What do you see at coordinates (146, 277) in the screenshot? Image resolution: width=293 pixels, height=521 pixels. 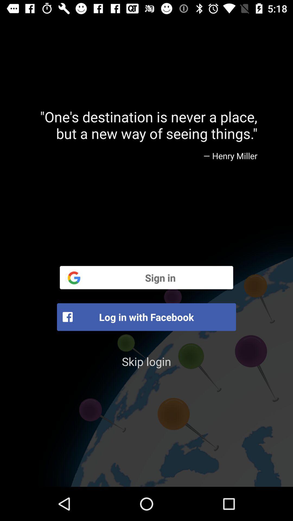 I see `the sign in item` at bounding box center [146, 277].